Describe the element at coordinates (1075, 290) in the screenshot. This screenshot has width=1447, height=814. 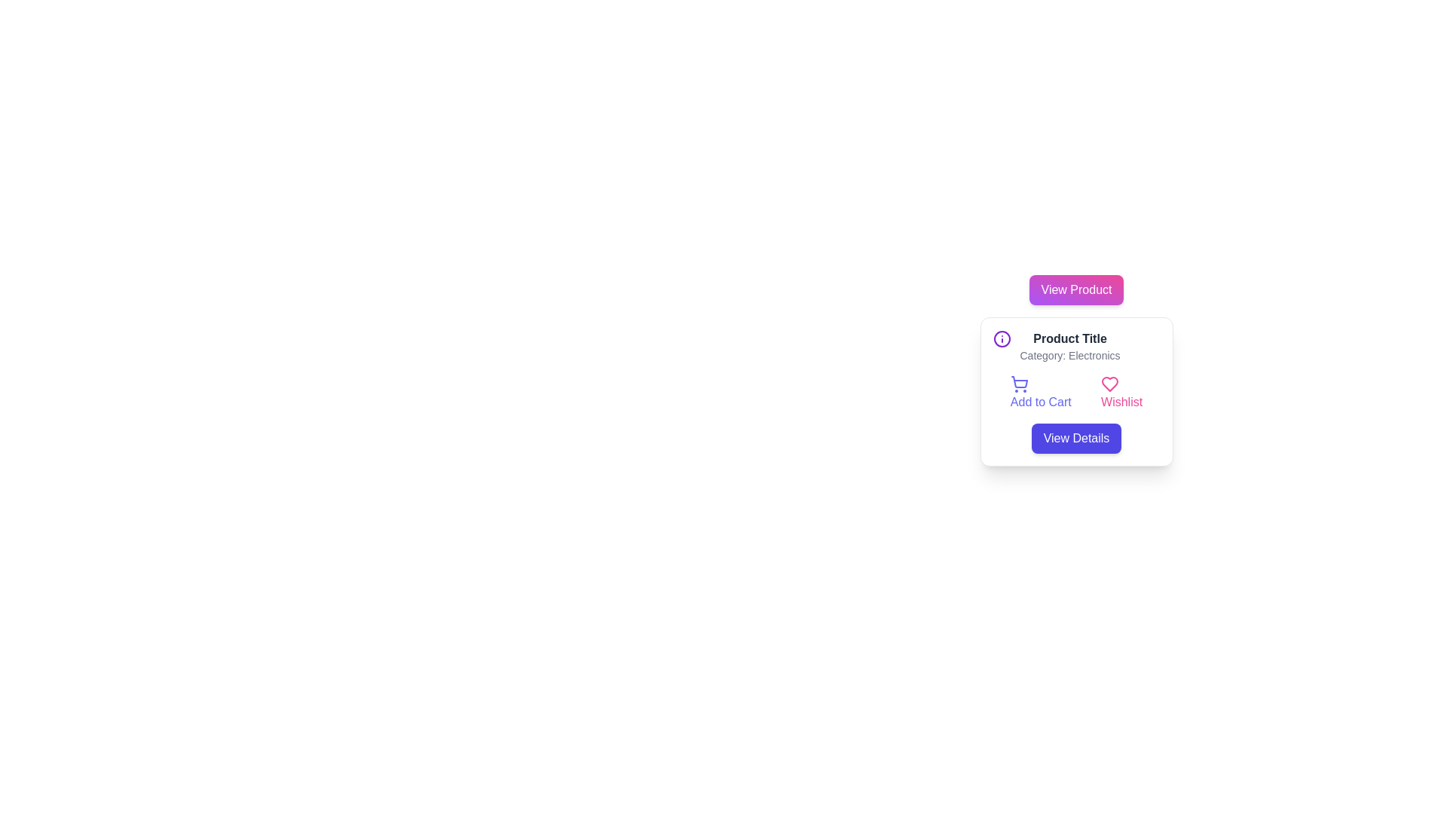
I see `the 'View Product' button with a gradient background transitioning from purple to pink, containing white bold text` at that location.